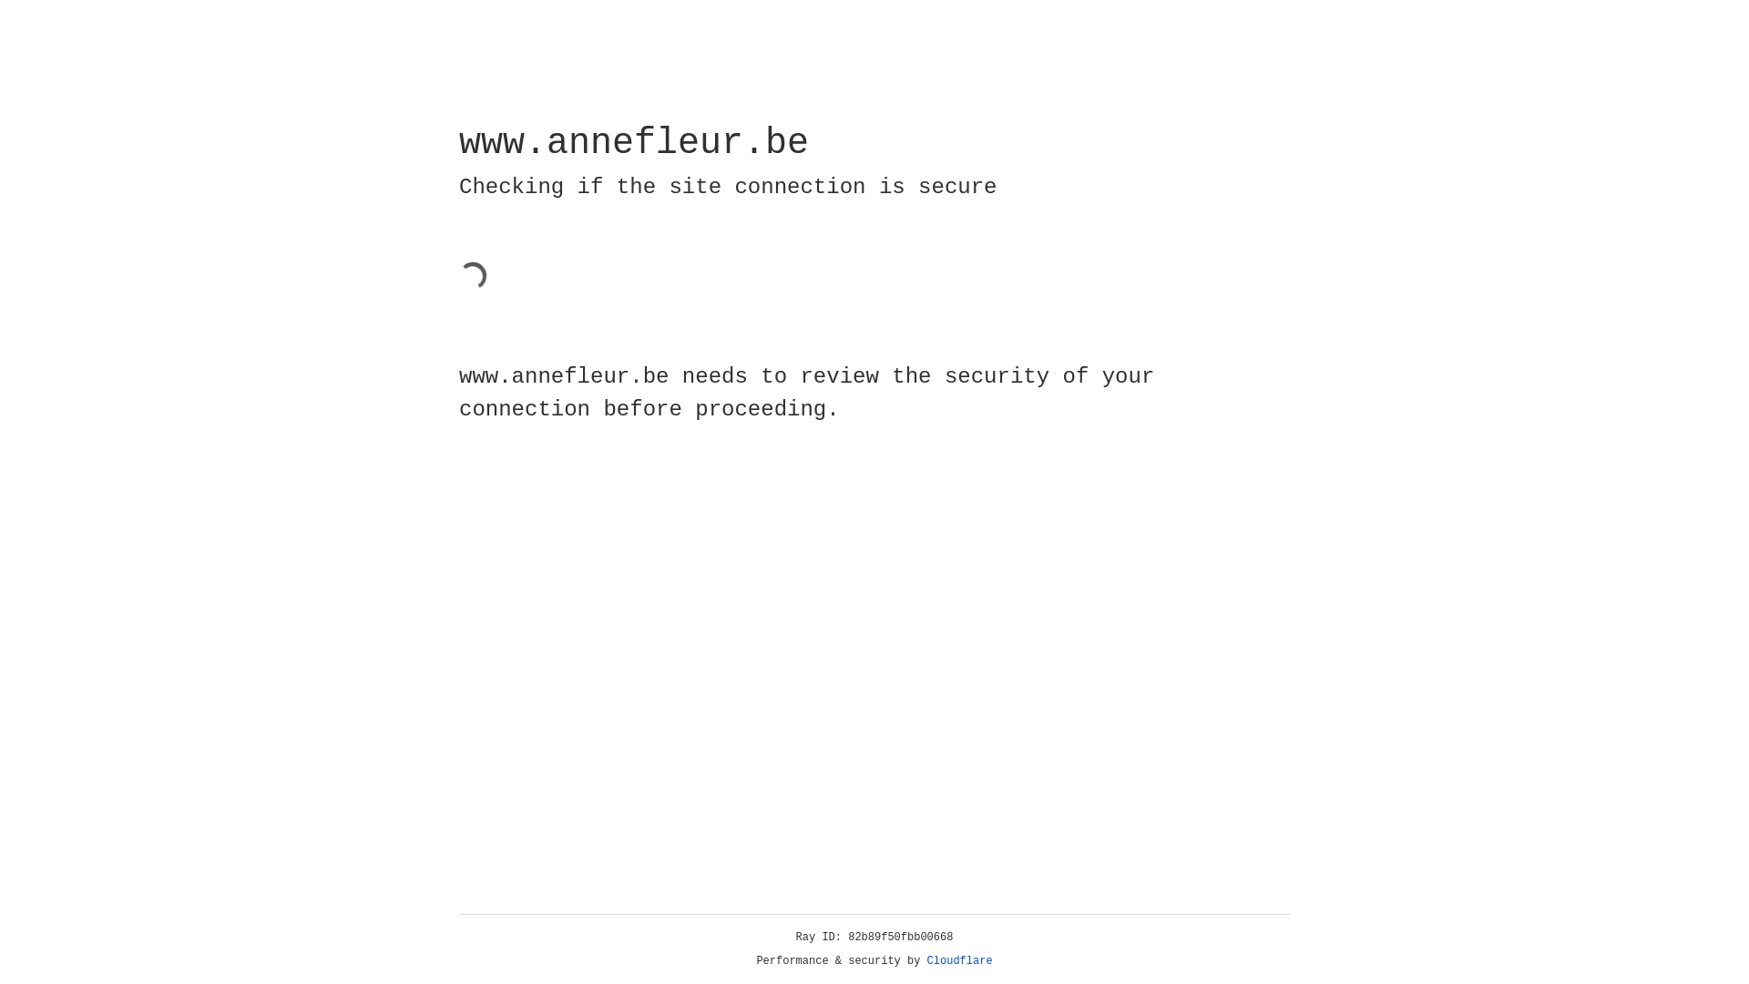 The height and width of the screenshot is (984, 1749). What do you see at coordinates (959, 960) in the screenshot?
I see `'Cloudflare'` at bounding box center [959, 960].